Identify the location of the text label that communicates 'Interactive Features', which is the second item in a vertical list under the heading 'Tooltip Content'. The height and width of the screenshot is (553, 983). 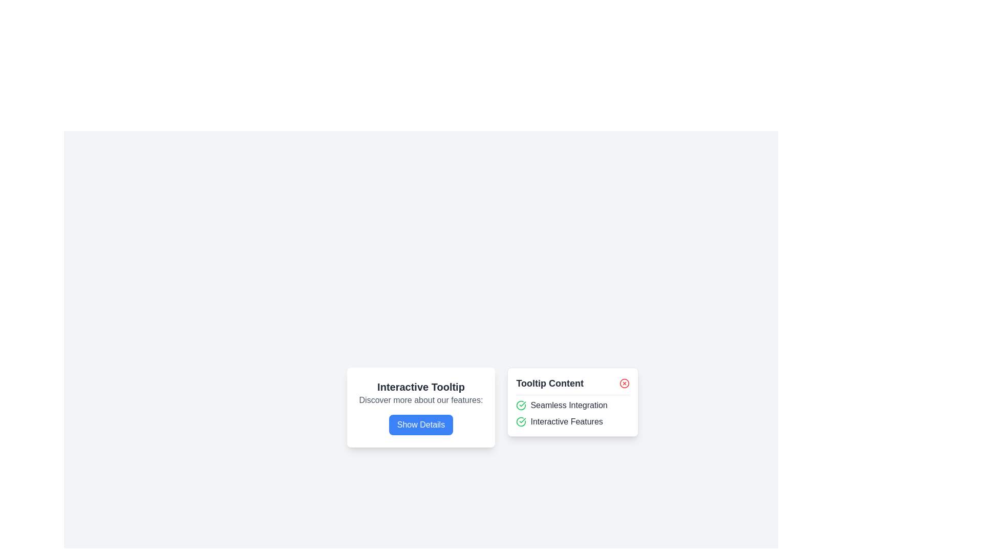
(572, 422).